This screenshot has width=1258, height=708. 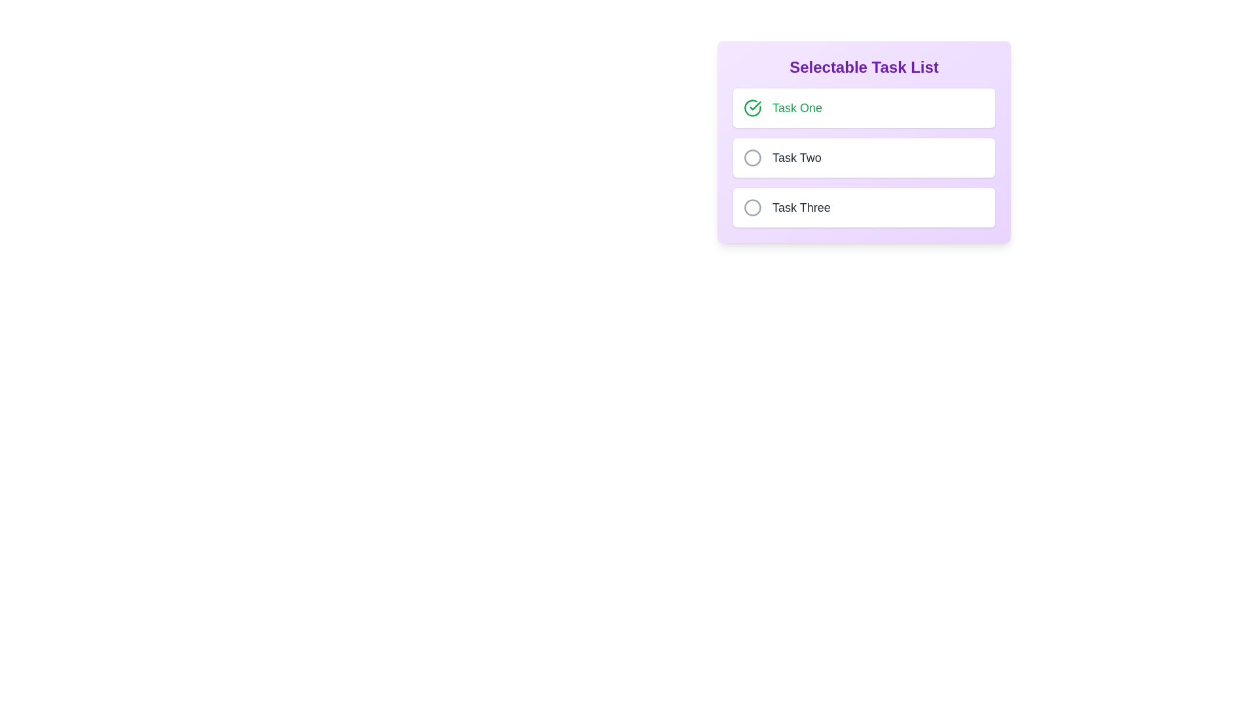 I want to click on the radio button with a gray border next to the text 'Task Three', so click(x=752, y=206).